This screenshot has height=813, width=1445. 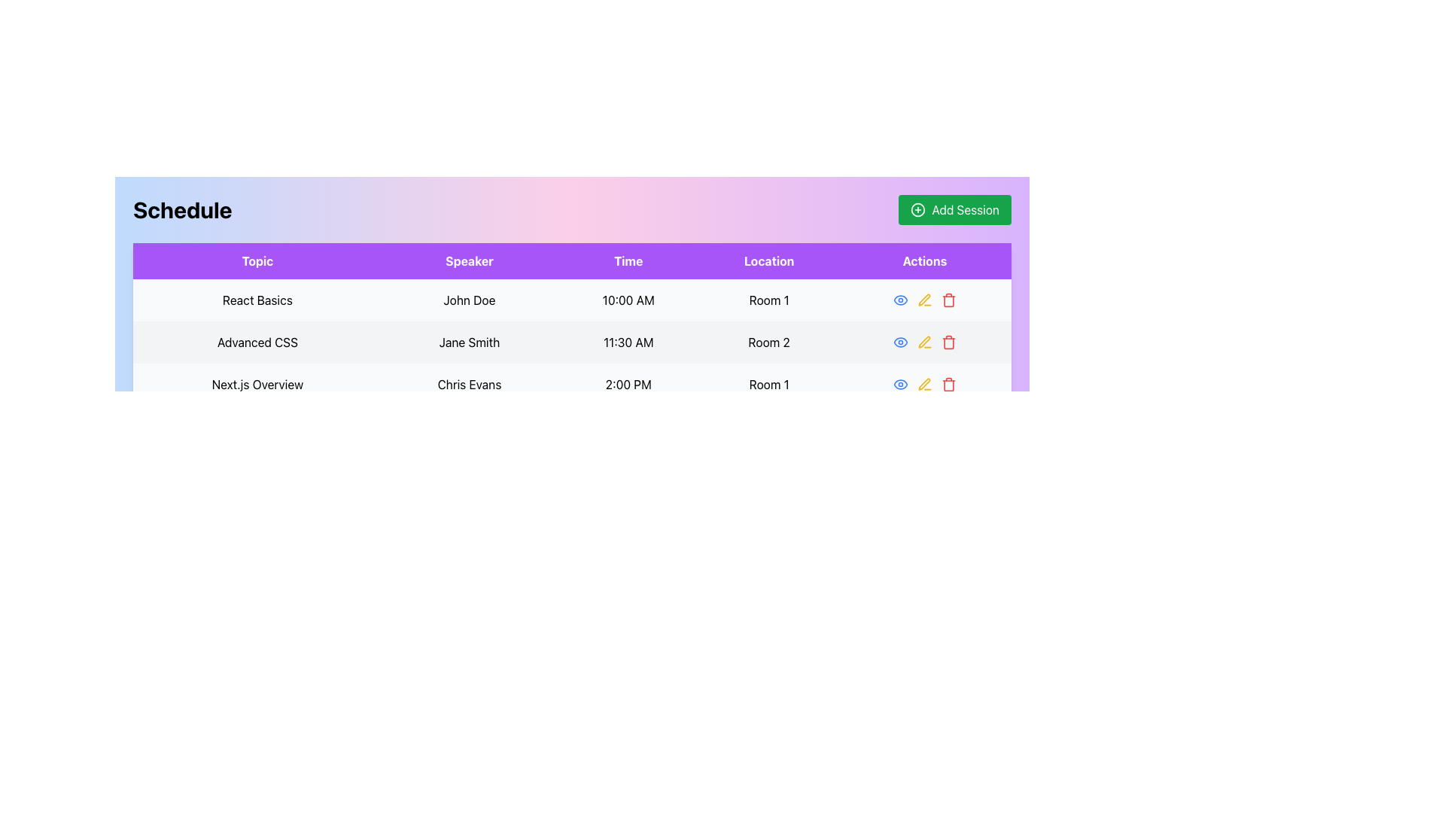 What do you see at coordinates (923, 343) in the screenshot?
I see `the trash can icon in the Action control group for the 'Advanced CSS' row` at bounding box center [923, 343].